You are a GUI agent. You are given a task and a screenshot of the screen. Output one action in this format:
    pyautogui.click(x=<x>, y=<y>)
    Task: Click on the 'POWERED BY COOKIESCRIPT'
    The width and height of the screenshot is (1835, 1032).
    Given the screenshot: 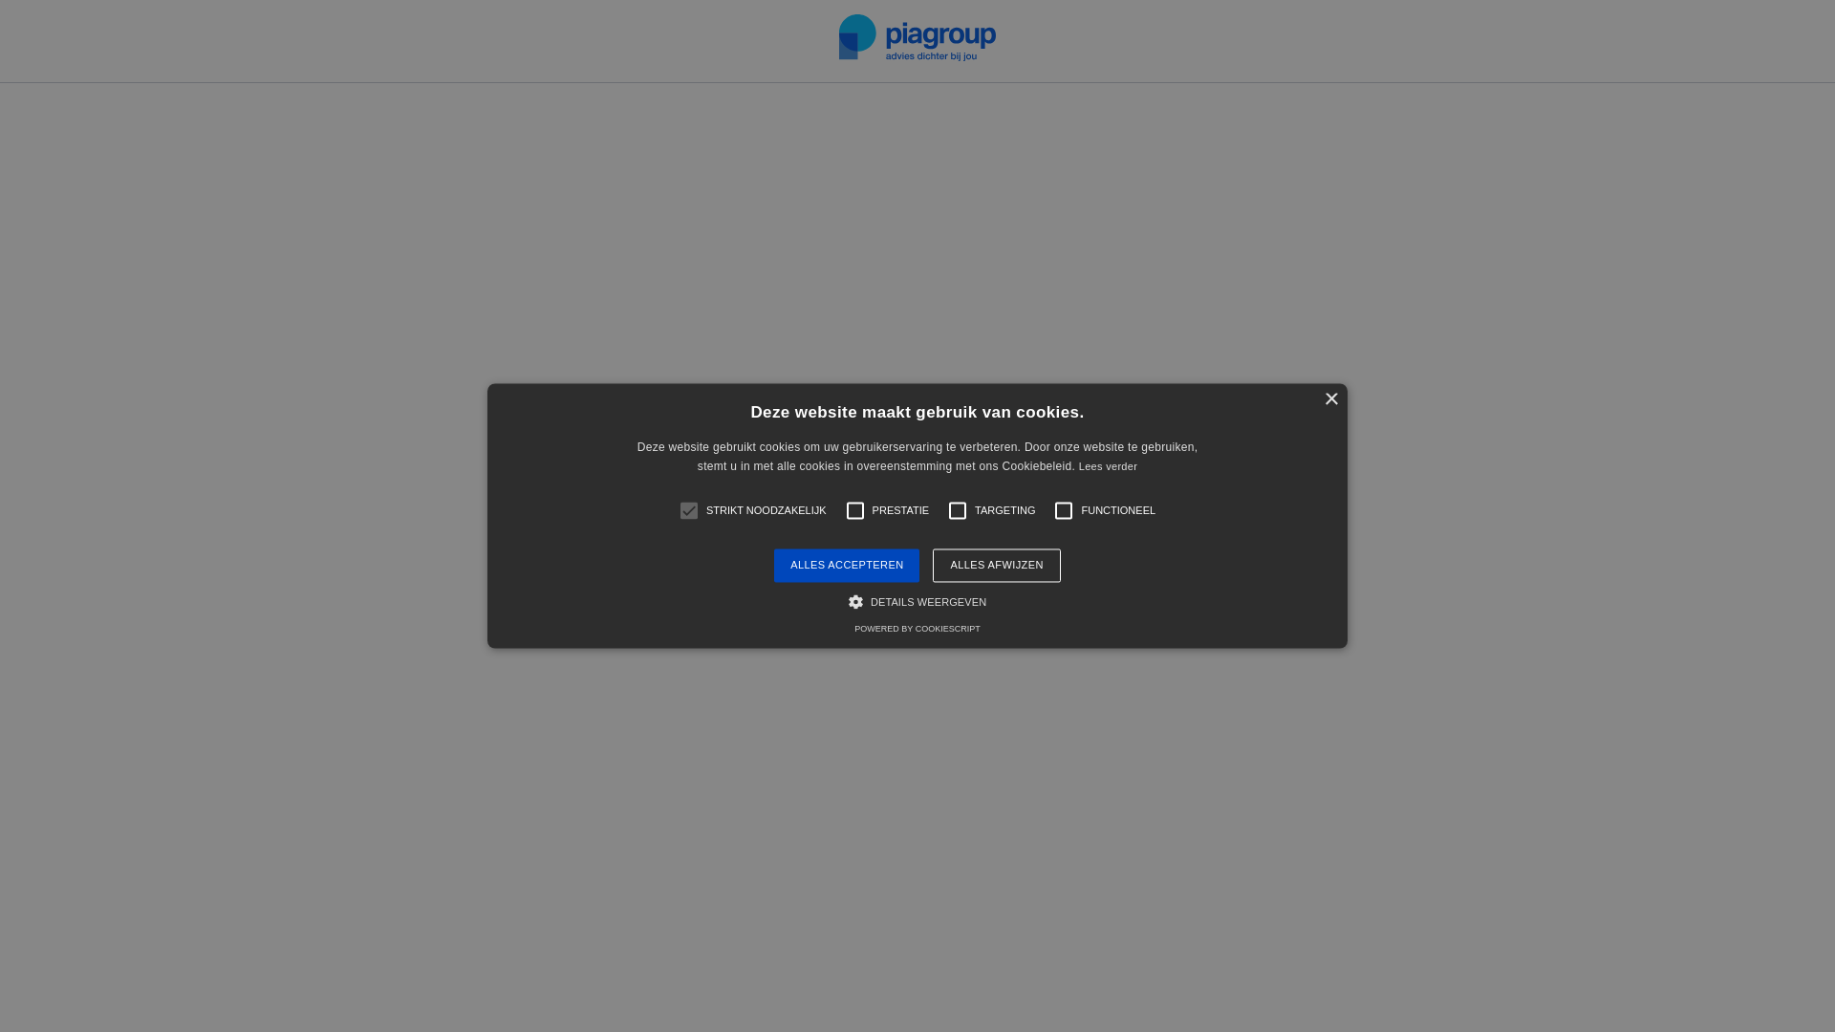 What is the action you would take?
    pyautogui.click(x=916, y=630)
    